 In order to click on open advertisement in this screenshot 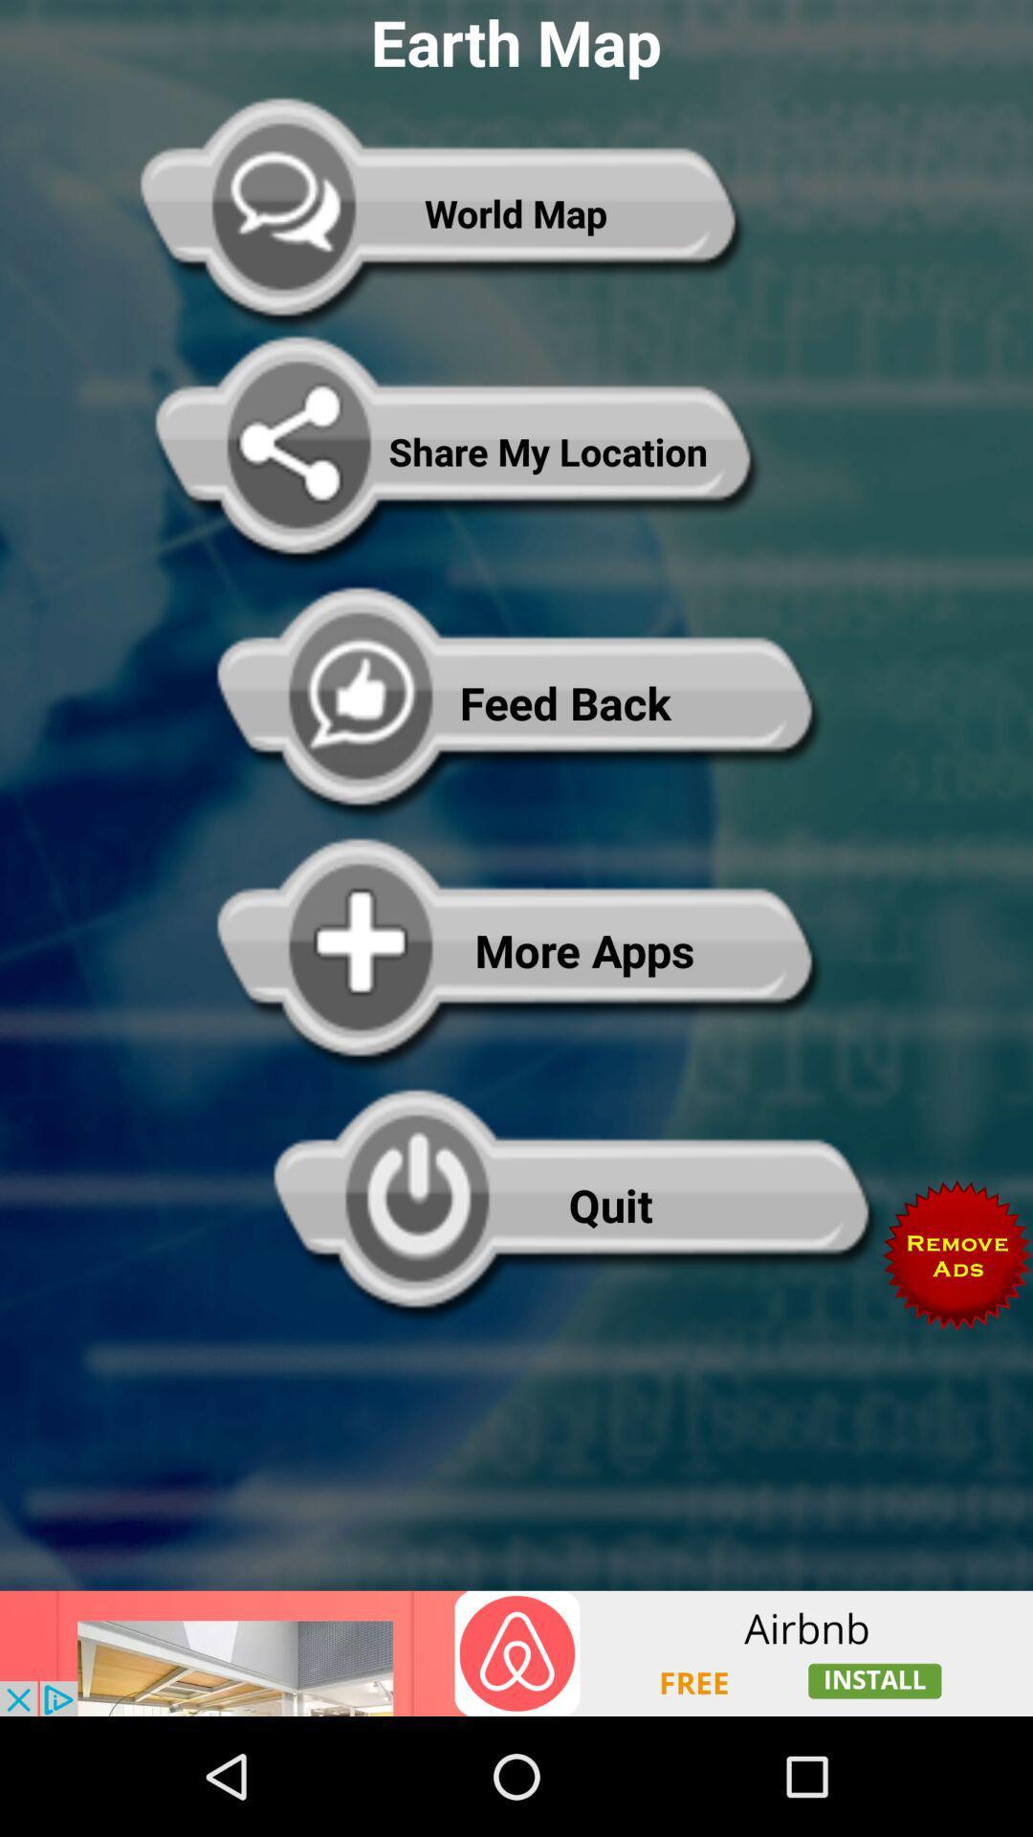, I will do `click(516, 1652)`.